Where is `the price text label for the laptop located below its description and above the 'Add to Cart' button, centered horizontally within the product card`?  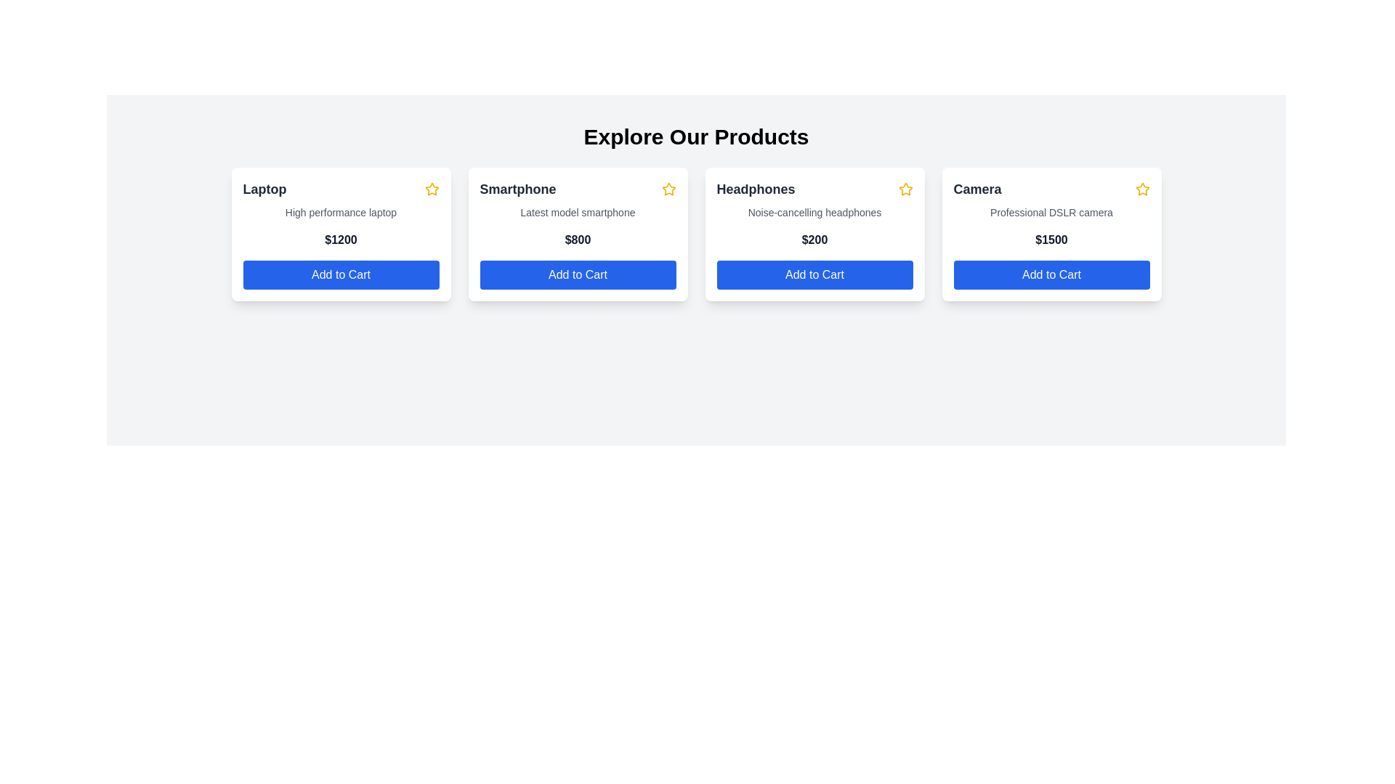 the price text label for the laptop located below its description and above the 'Add to Cart' button, centered horizontally within the product card is located at coordinates (340, 240).